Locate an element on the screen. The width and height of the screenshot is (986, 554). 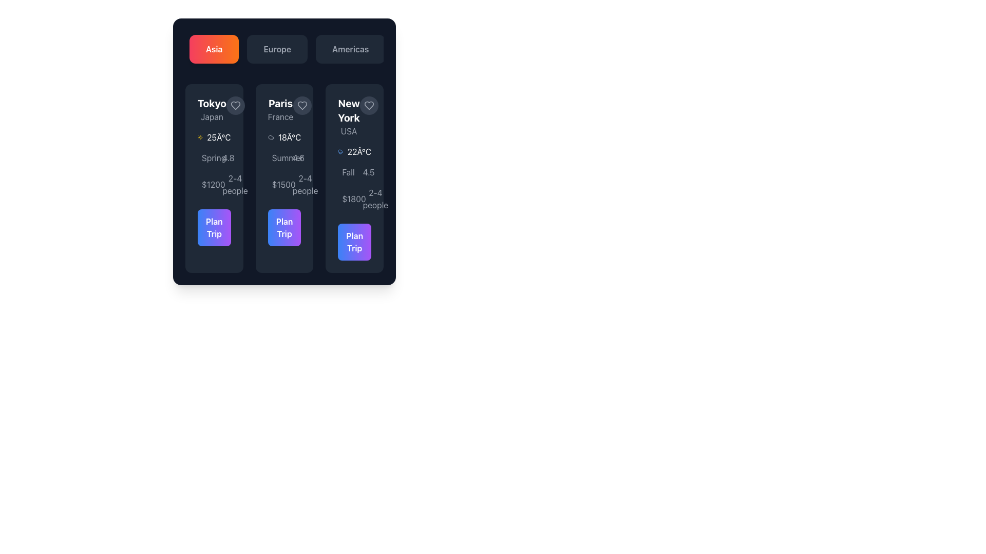
the temperature display element showing '18°C' with the cloud icon, located in the 'Paris, France' card, positioned centrally above the 'Summer' label is located at coordinates (284, 136).